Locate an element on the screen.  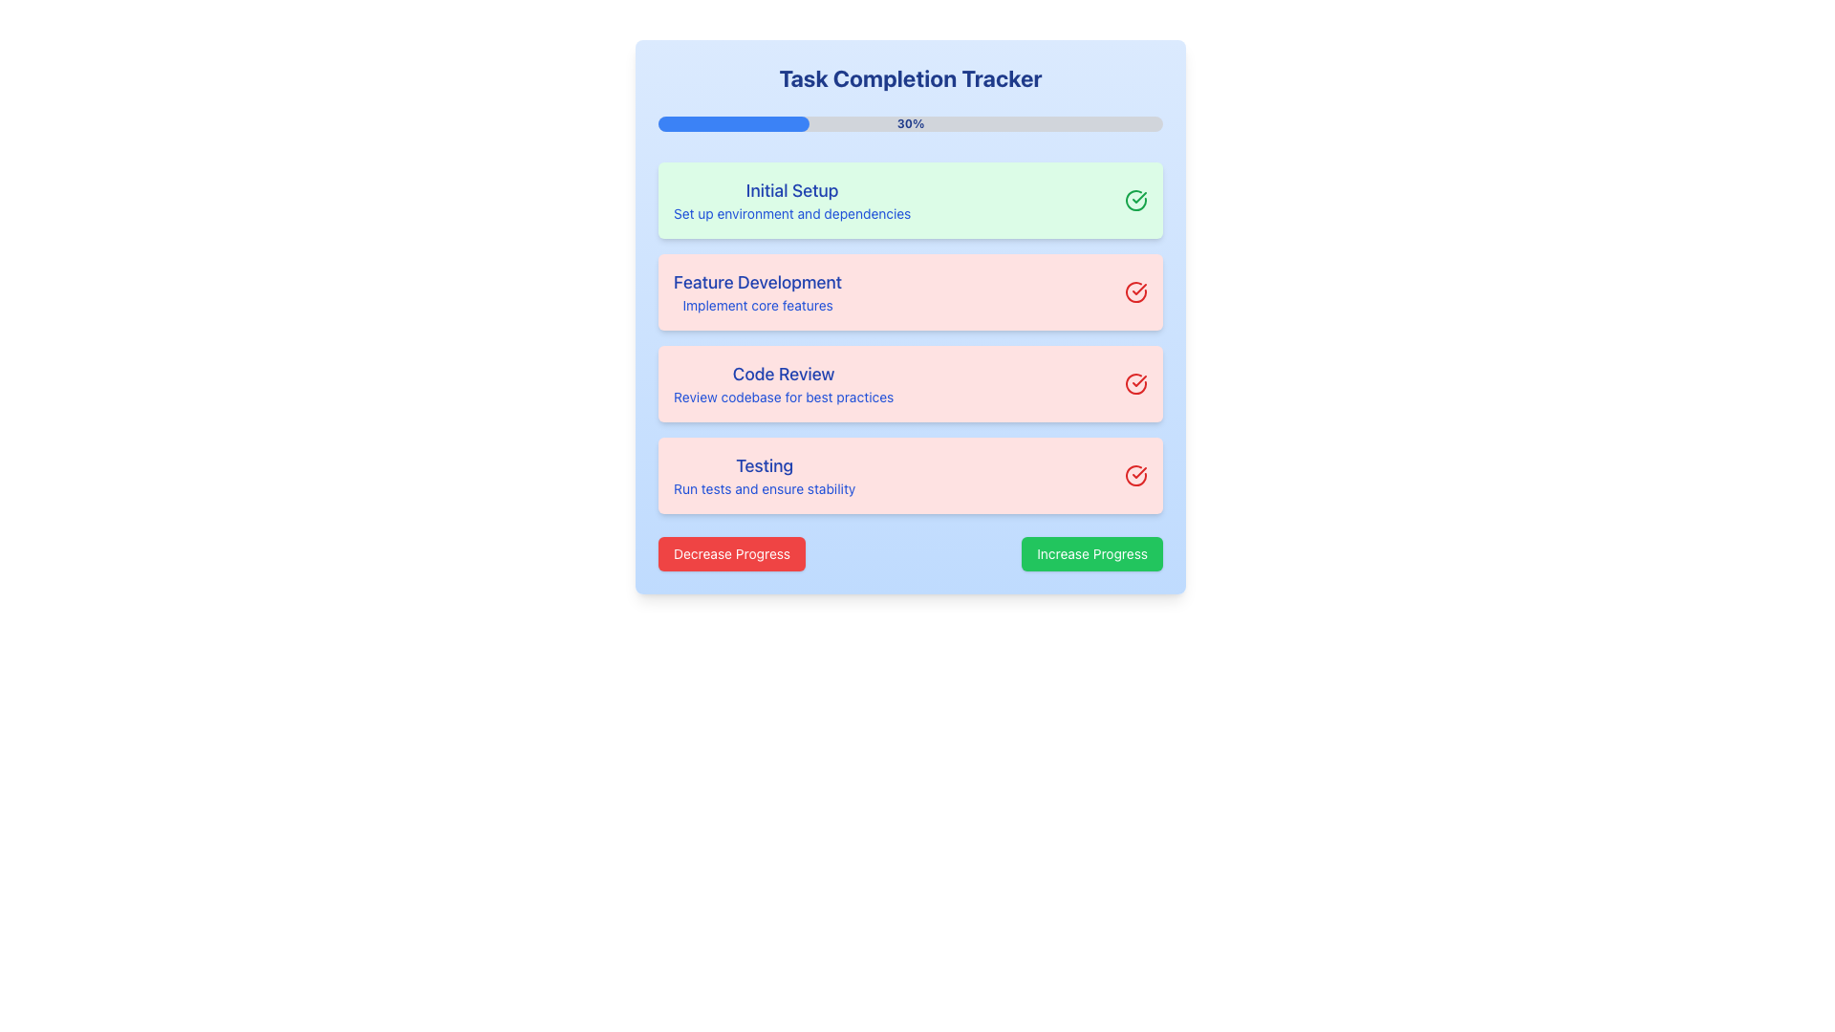
text displayed on the label that indicates the task labeled 'Testing' with additional information 'Run tests and ensure stability'. This label is the last item in a vertical list located at the bottom of the task management interface is located at coordinates (765, 474).